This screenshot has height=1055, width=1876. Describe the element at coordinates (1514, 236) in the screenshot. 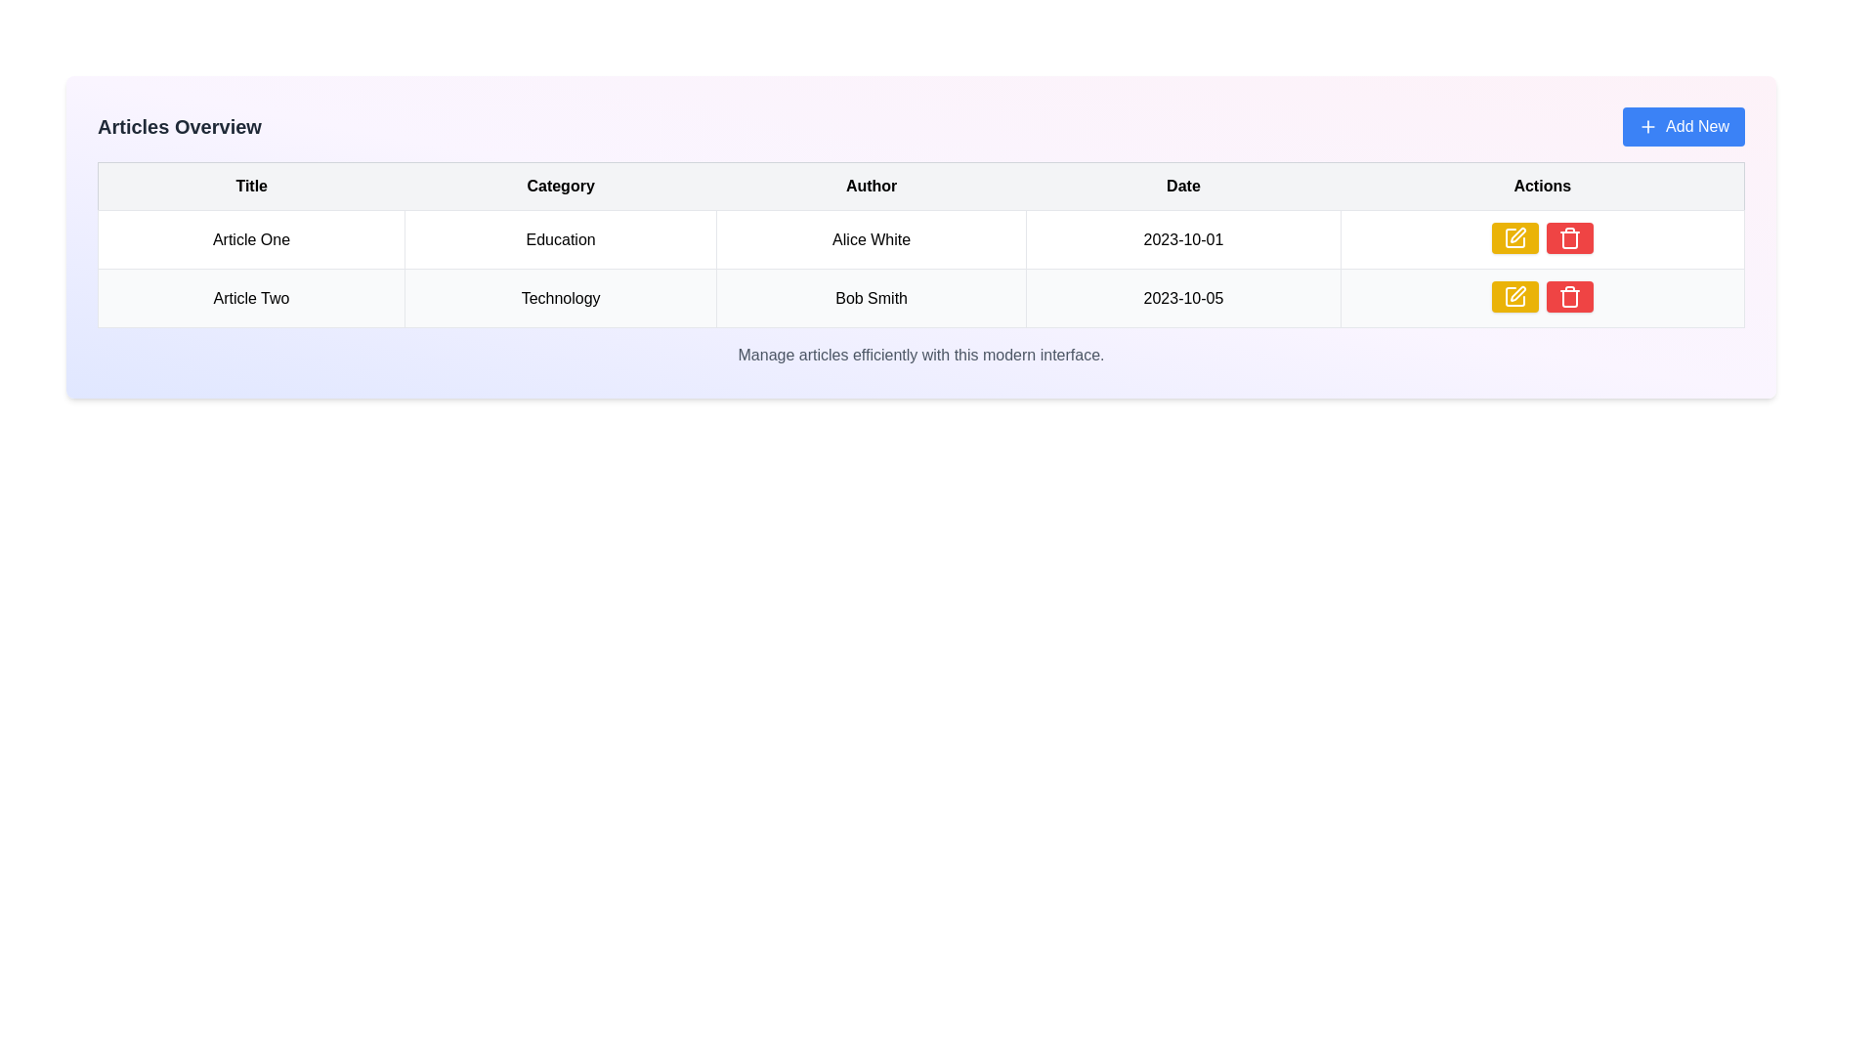

I see `the edit icon button located in the second row of the table under the 'Actions' column, which is the first icon next to the red trash bin icon` at that location.